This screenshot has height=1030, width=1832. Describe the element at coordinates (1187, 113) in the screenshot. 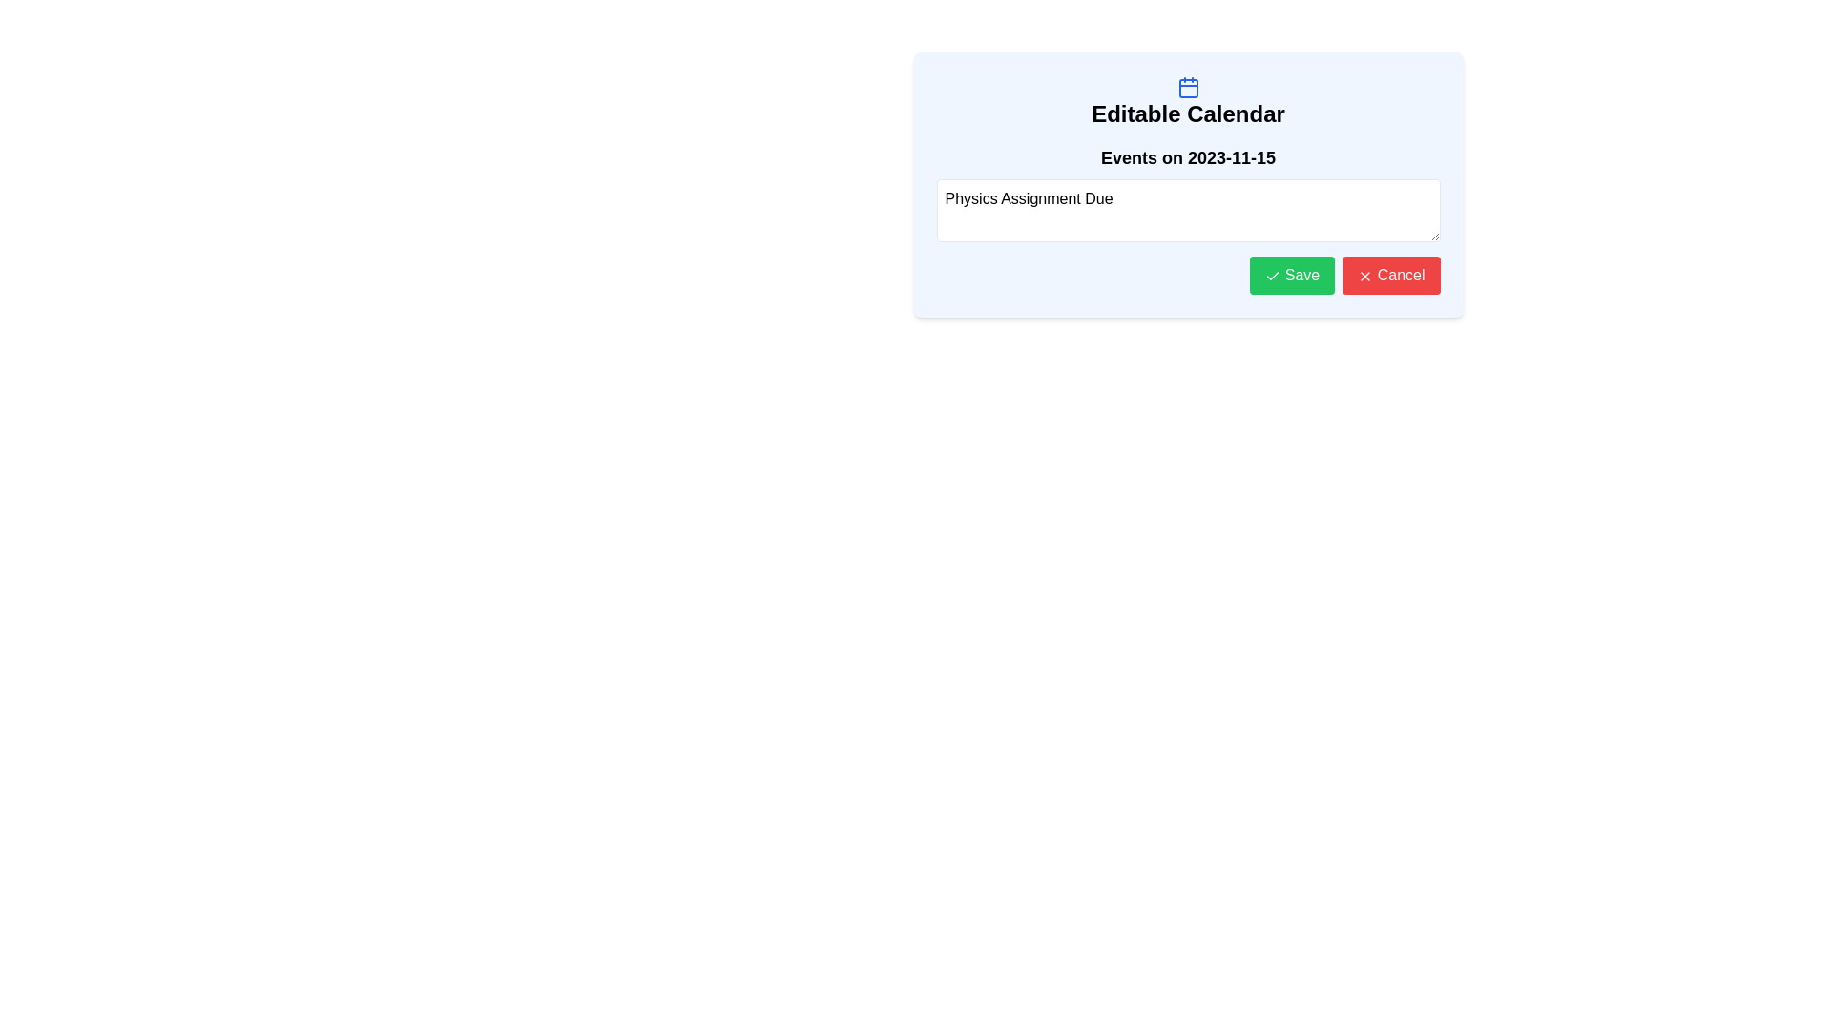

I see `the static text title or heading that serves as the primary title for the calendar section, located beneath the calendar icon` at that location.